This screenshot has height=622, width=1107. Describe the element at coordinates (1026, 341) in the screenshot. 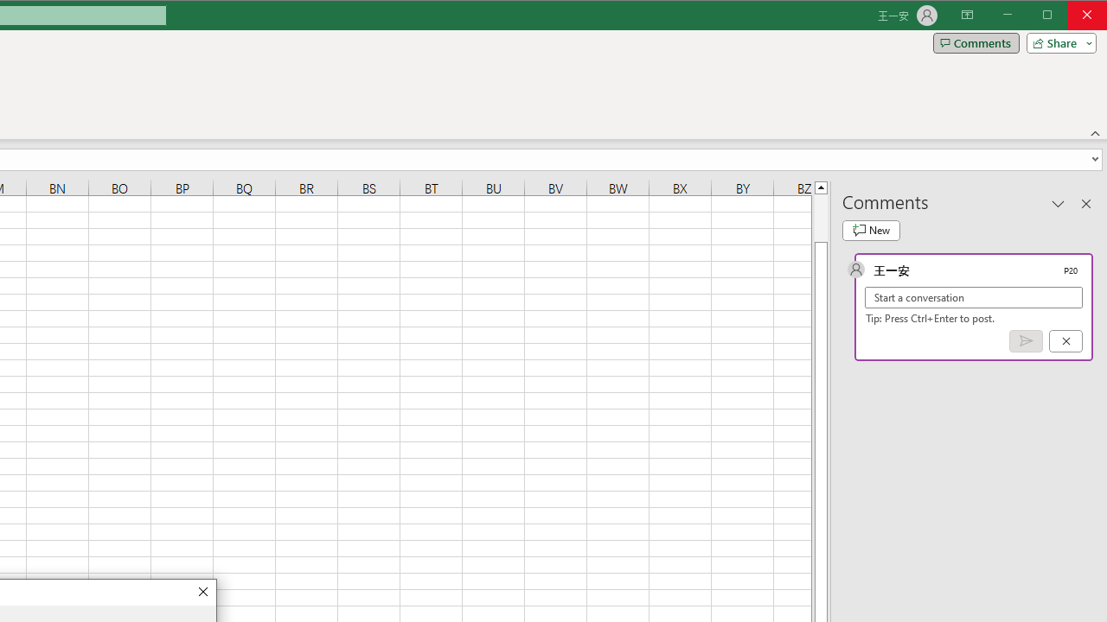

I see `'Post comment (Ctrl + Enter)'` at that location.